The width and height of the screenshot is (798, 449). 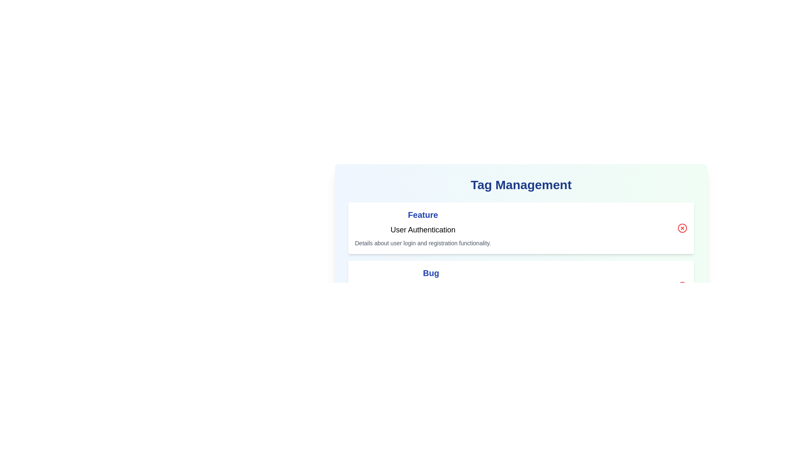 What do you see at coordinates (682, 228) in the screenshot?
I see `the circular close icon with a centered cross mark located in the right section of the white rectangular card labeled 'Feature: User Authentication' in the 'Tag Management' interface` at bounding box center [682, 228].